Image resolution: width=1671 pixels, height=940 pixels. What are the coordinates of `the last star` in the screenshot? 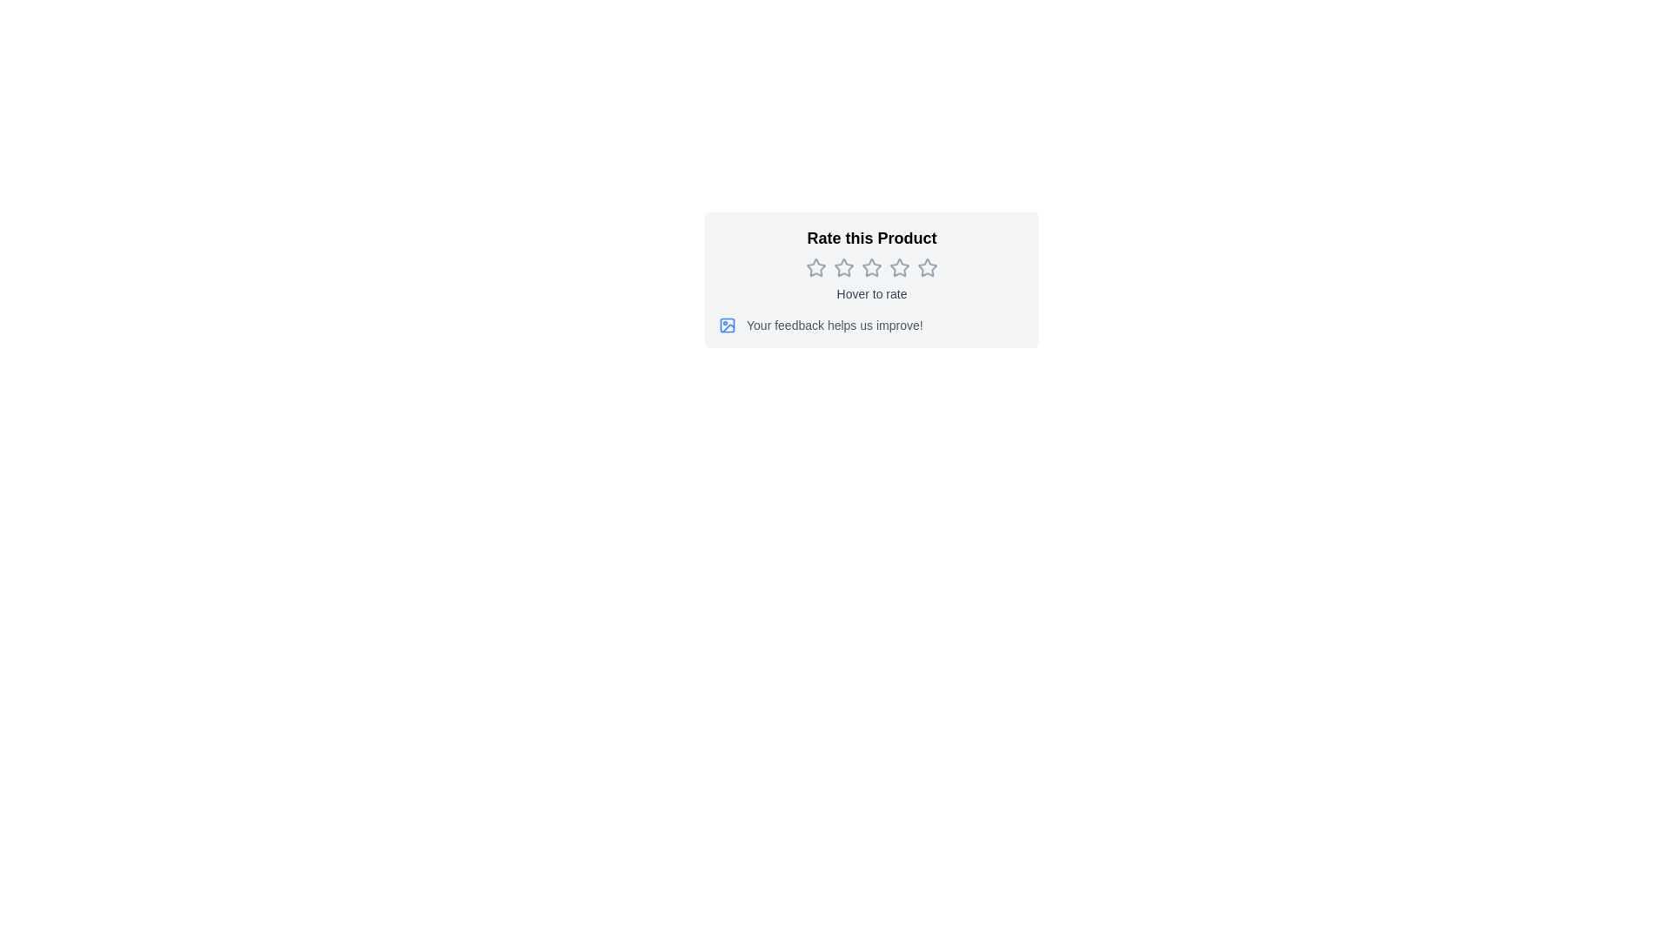 It's located at (926, 267).